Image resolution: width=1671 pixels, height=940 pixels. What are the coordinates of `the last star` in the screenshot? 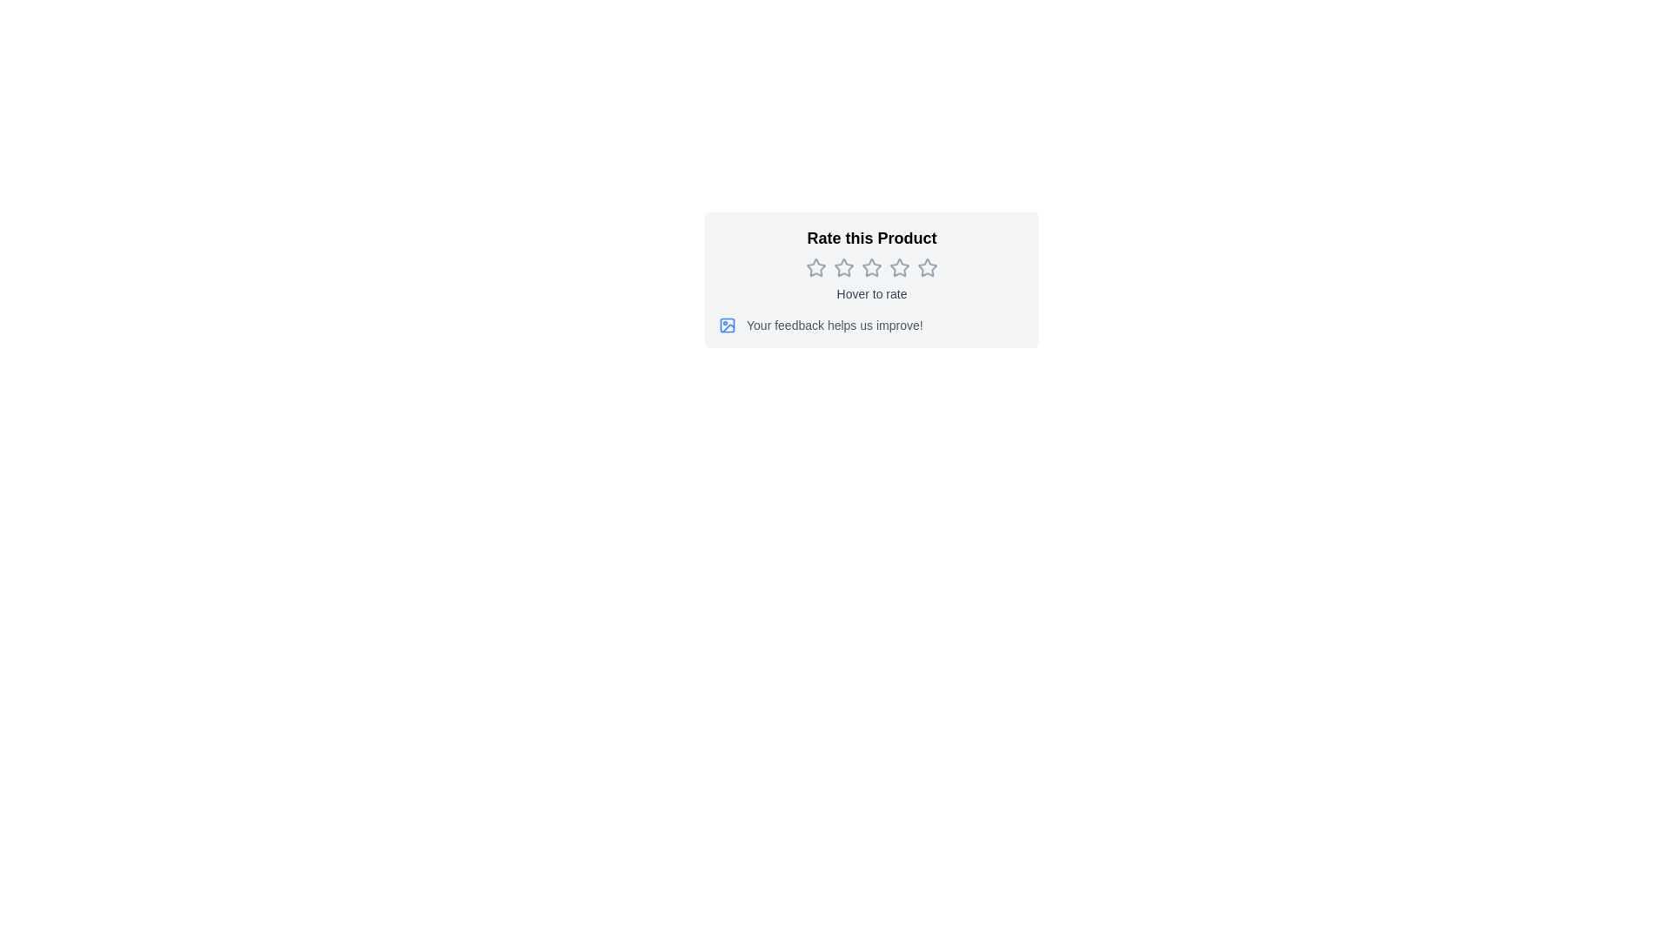 It's located at (926, 267).